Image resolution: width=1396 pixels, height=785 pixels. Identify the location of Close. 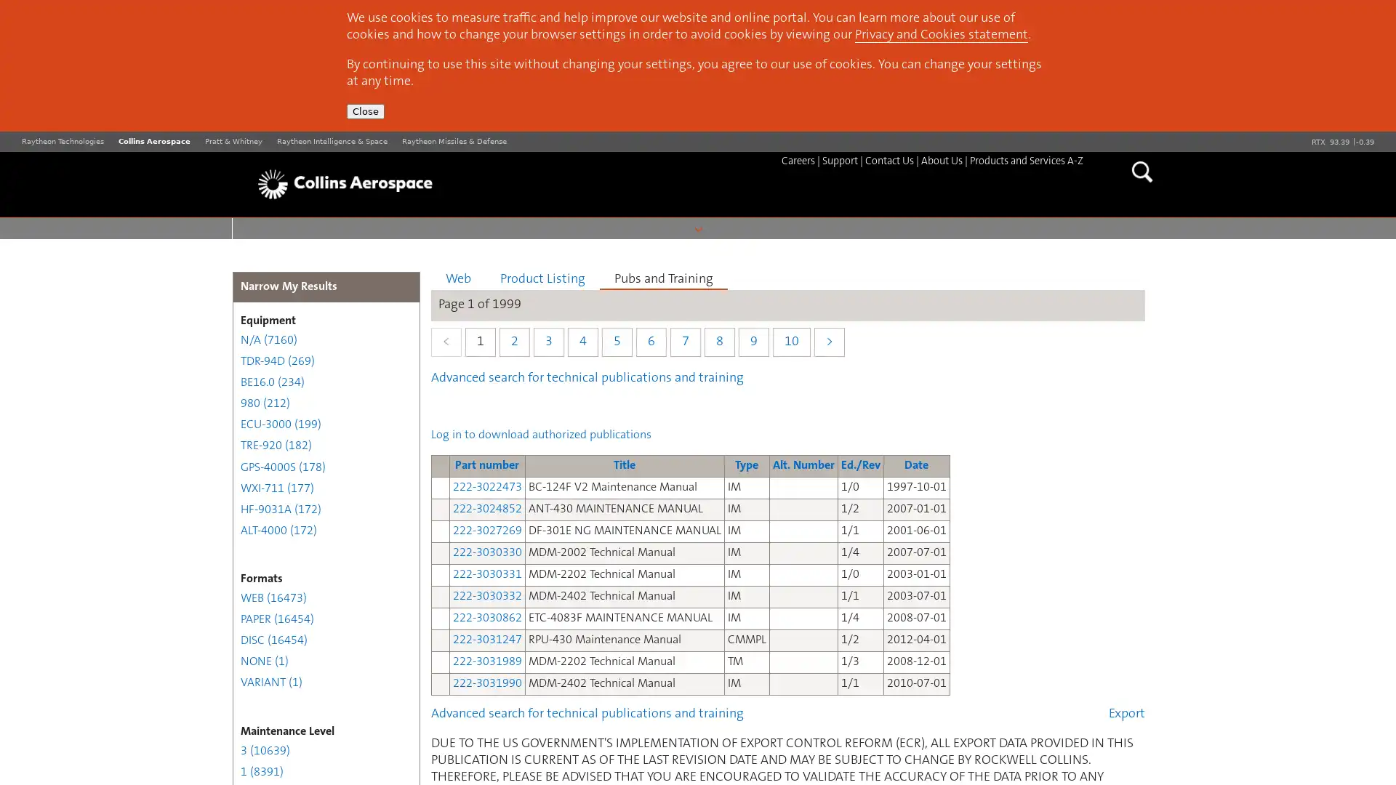
(366, 110).